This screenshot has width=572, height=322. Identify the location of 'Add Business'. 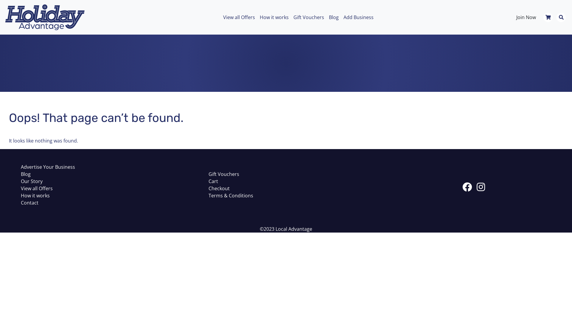
(358, 17).